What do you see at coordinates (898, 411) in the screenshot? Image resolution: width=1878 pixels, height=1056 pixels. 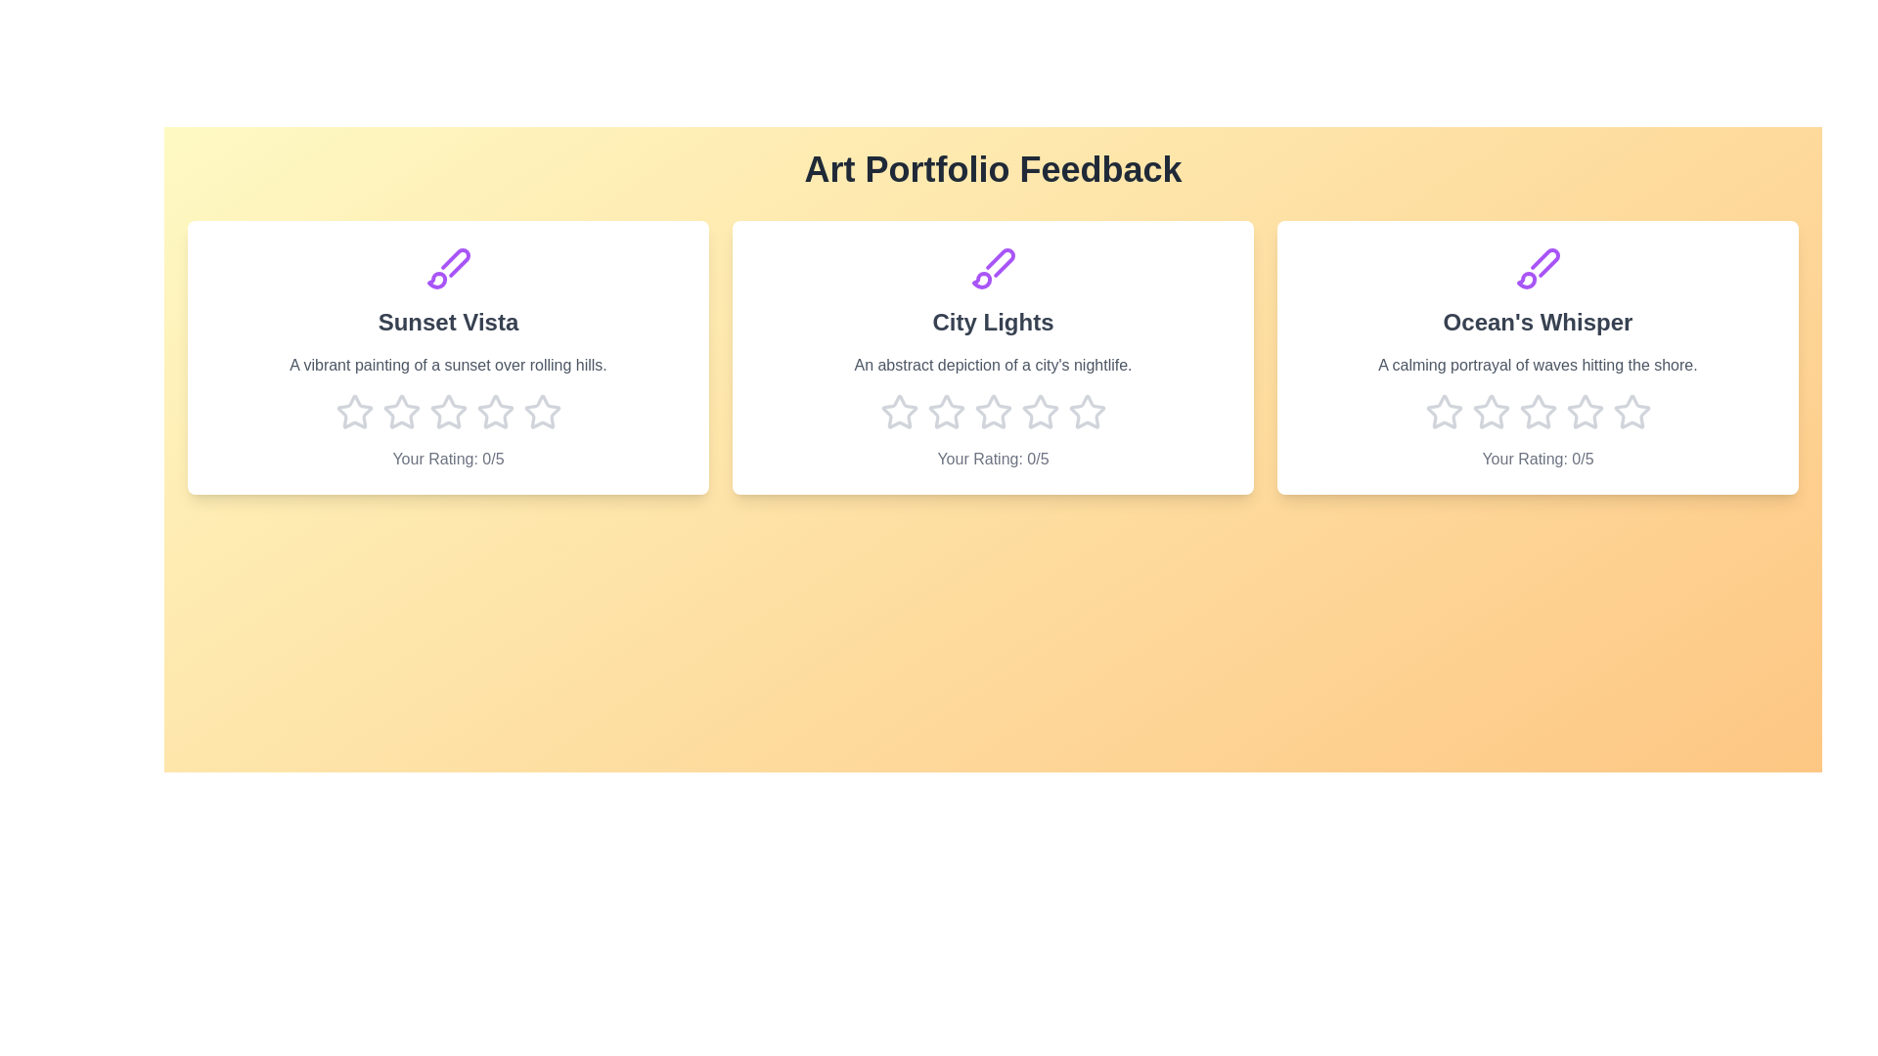 I see `the star corresponding to 1 stars for the artwork titled 'City Lights'` at bounding box center [898, 411].